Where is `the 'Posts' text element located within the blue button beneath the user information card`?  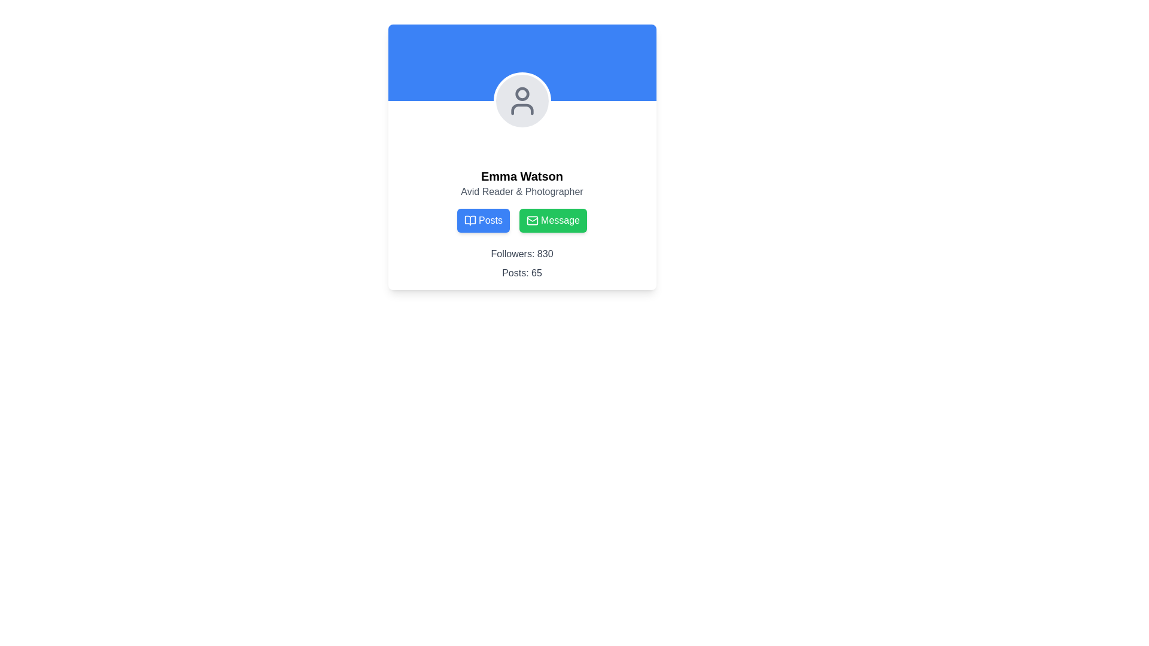 the 'Posts' text element located within the blue button beneath the user information card is located at coordinates (491, 221).